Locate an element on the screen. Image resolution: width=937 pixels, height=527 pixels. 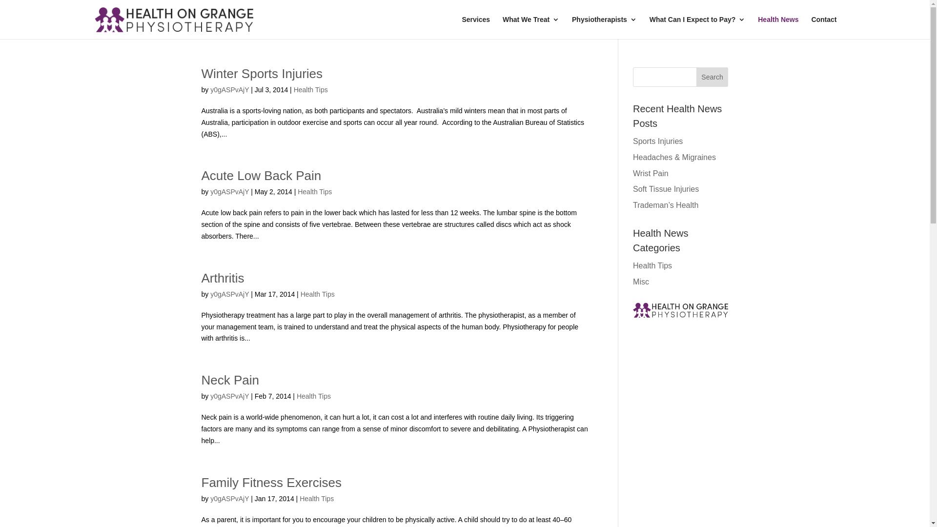
'Soft Tissue Injuries' is located at coordinates (665, 189).